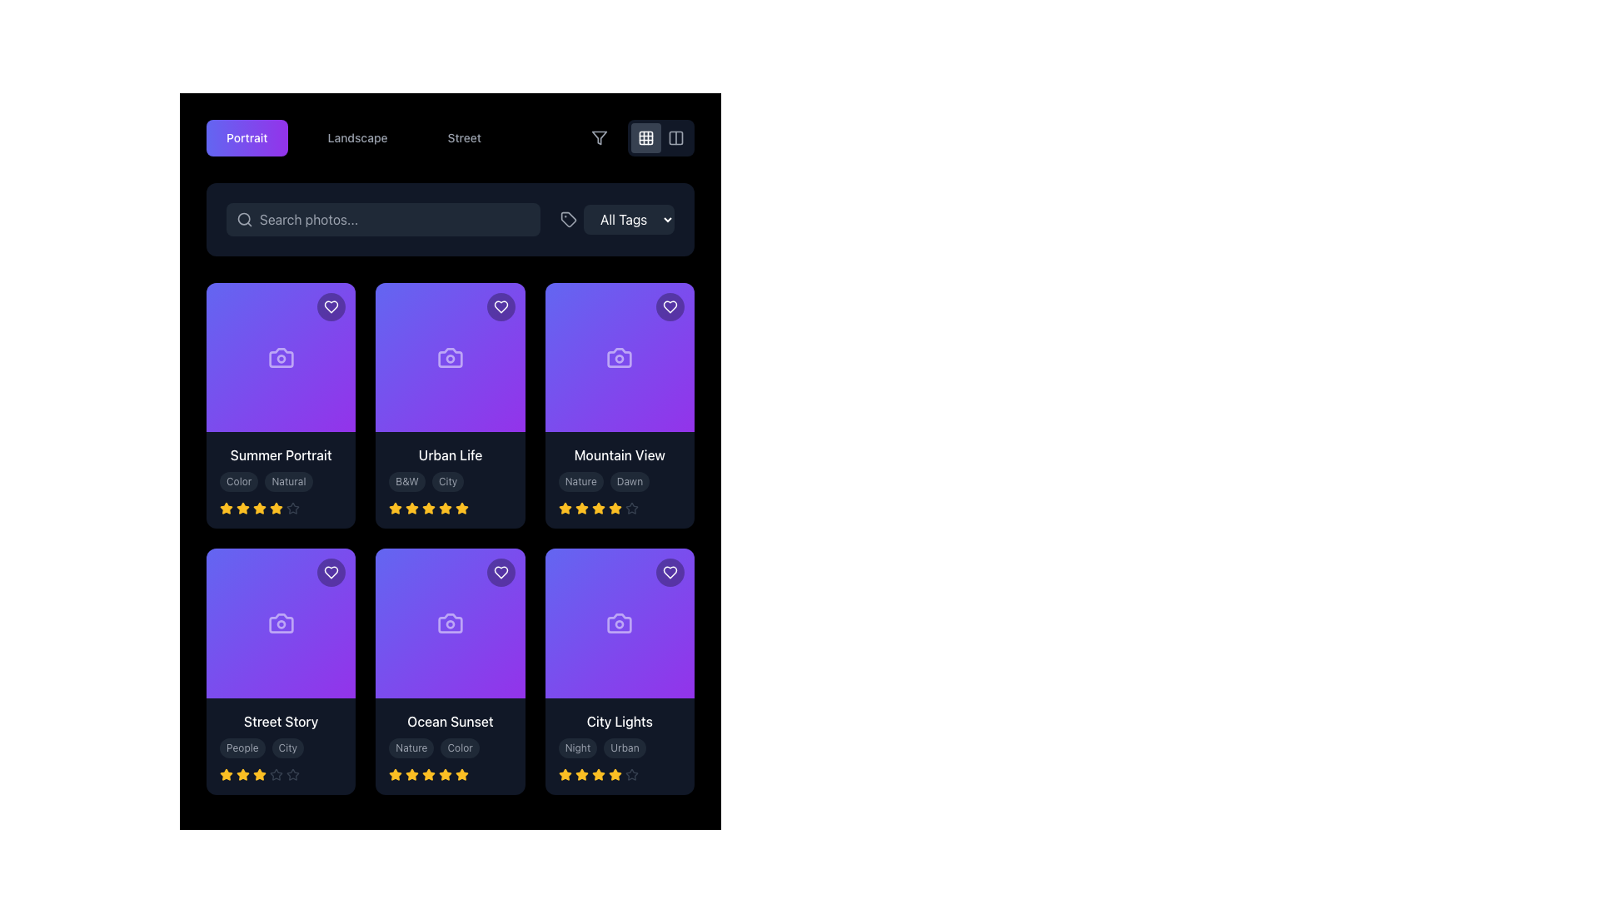 This screenshot has width=1599, height=899. Describe the element at coordinates (276, 508) in the screenshot. I see `the yellow star icon, which is the fifth star in the rating row below the 'Summer Portrait' card, to rate it` at that location.